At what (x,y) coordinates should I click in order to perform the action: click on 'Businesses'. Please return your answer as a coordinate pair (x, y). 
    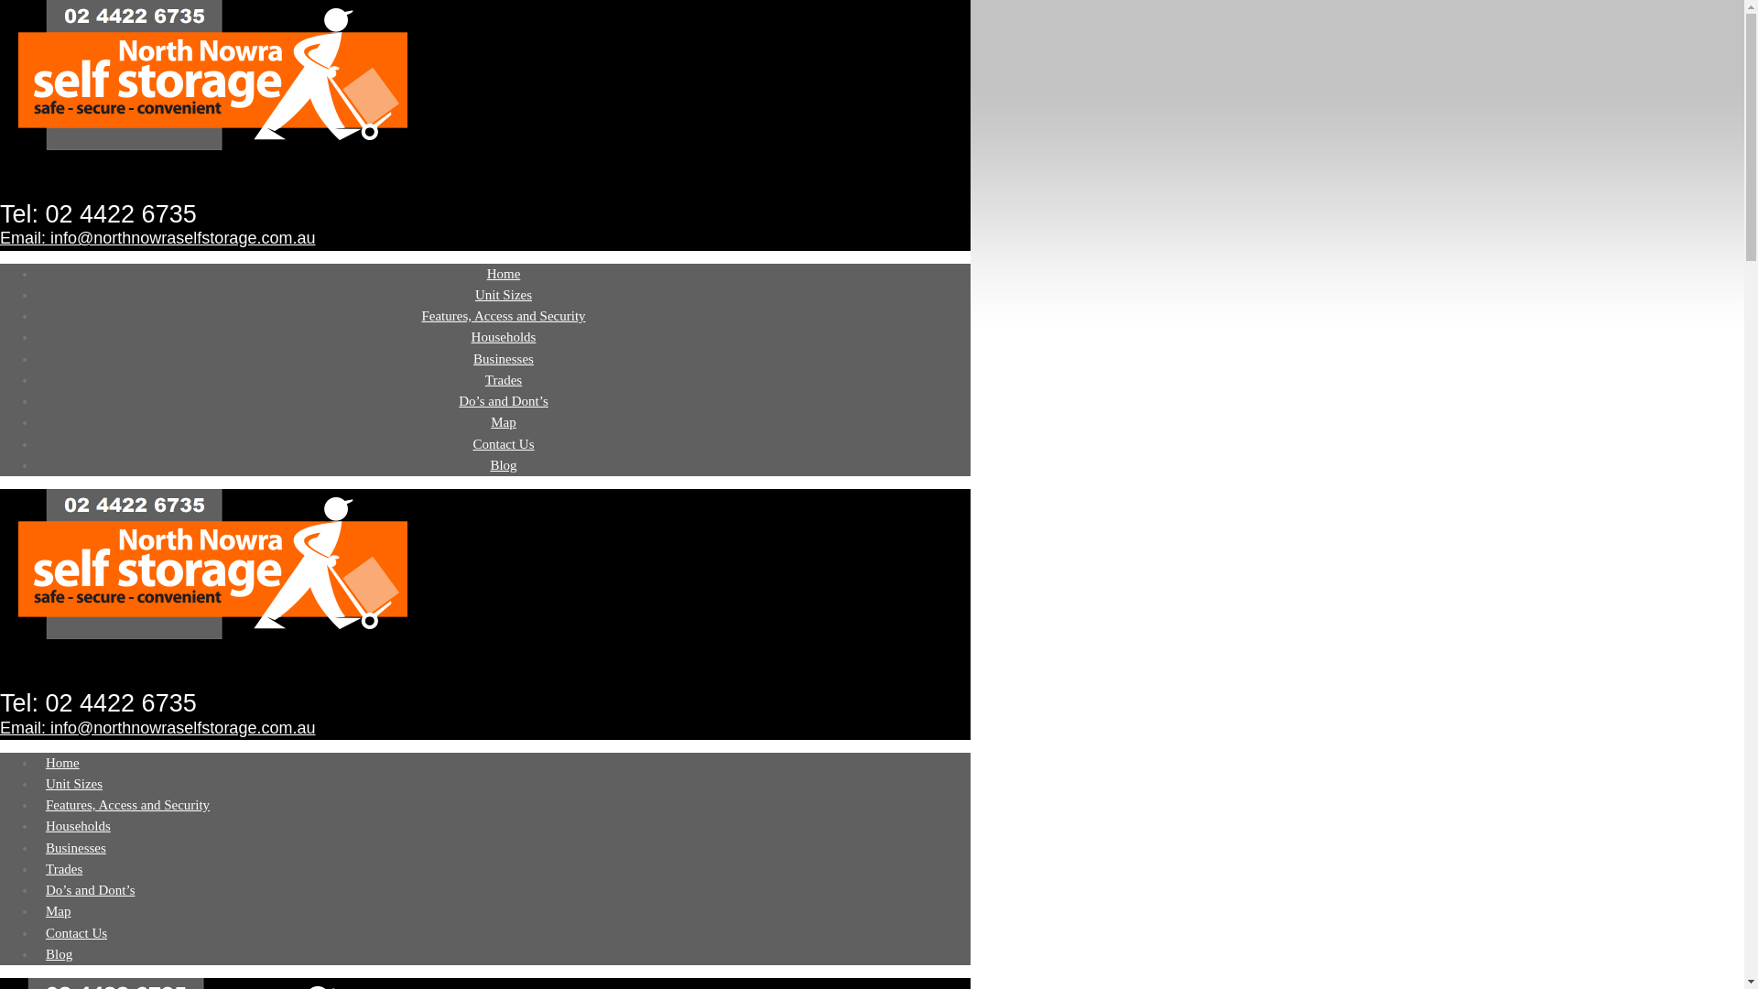
    Looking at the image, I should click on (504, 359).